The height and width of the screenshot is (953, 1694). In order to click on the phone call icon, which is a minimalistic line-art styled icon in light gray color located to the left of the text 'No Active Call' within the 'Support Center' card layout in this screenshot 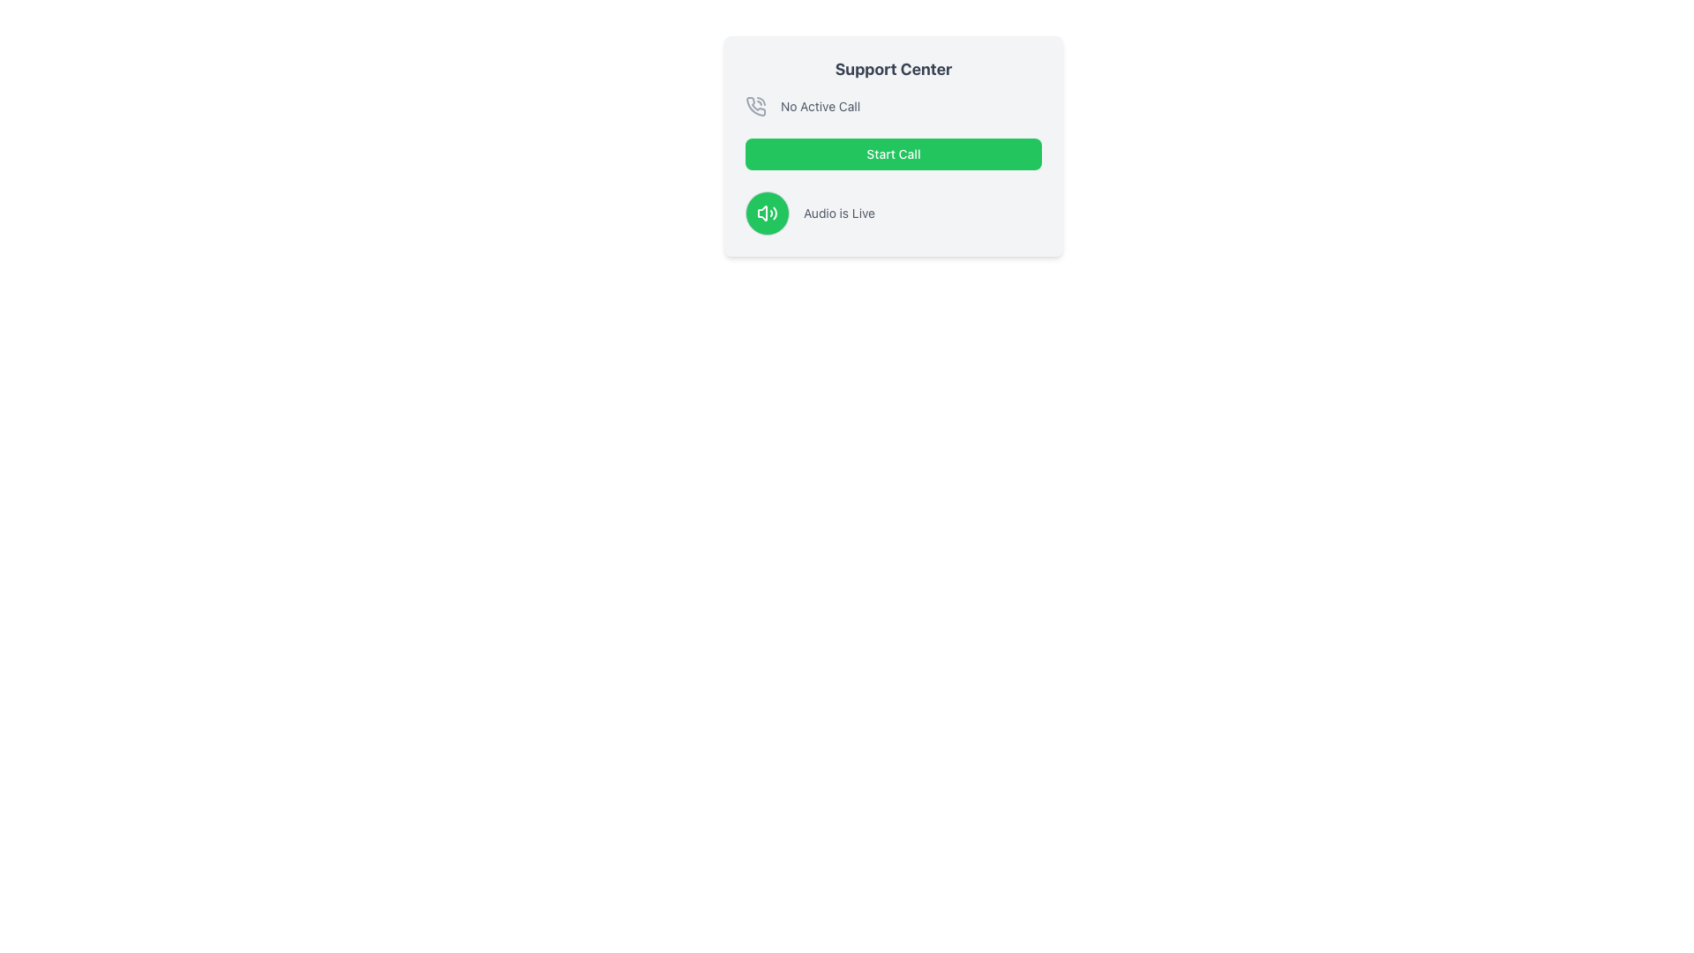, I will do `click(756, 106)`.